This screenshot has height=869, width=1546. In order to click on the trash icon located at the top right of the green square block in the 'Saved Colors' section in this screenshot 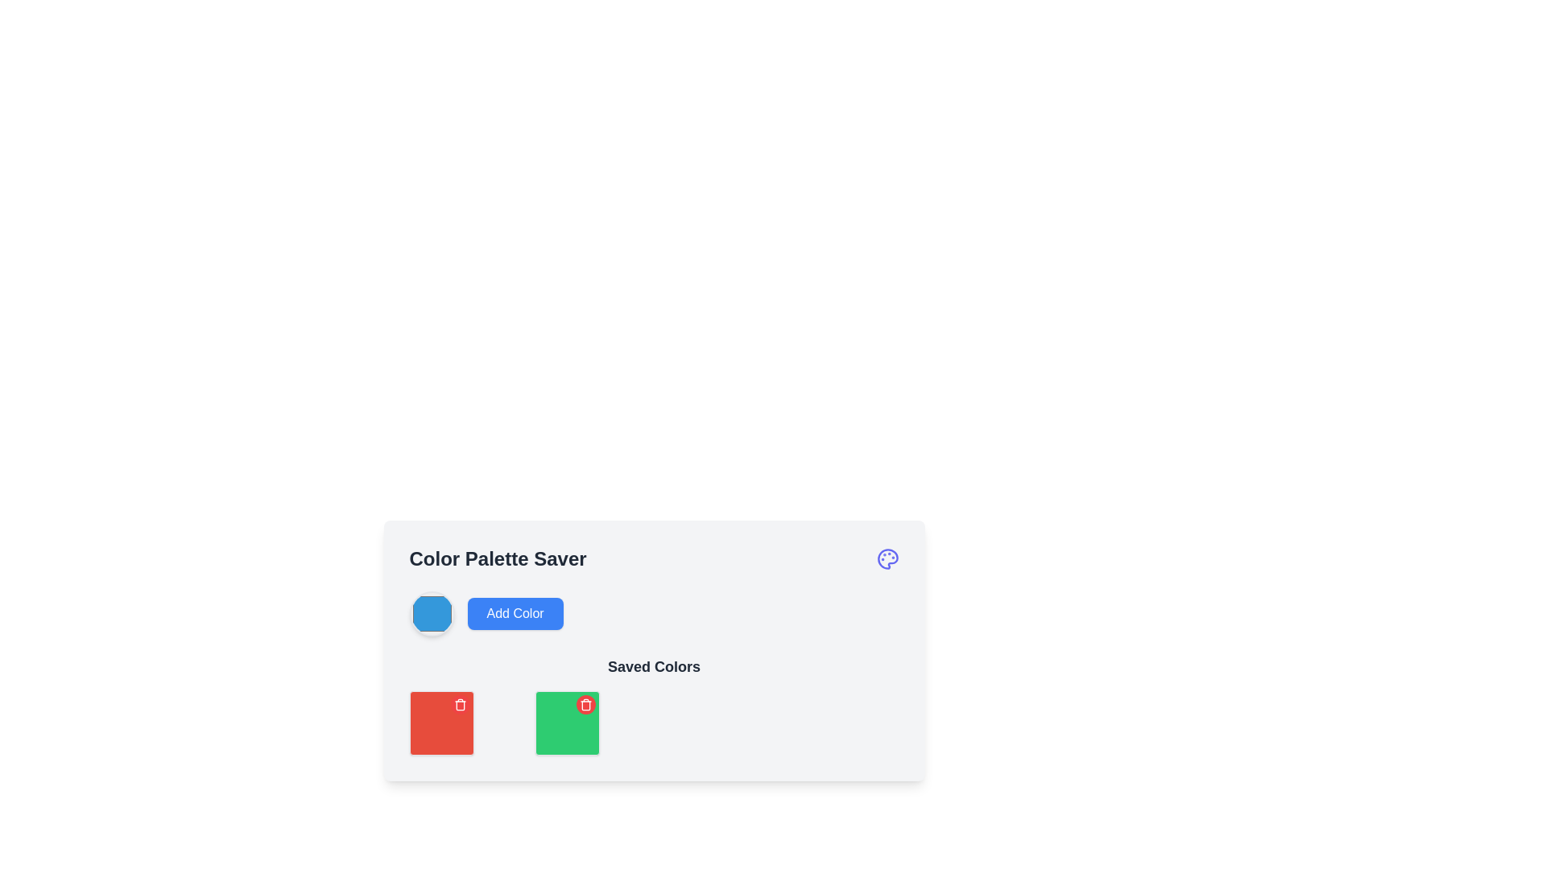, I will do `click(459, 703)`.